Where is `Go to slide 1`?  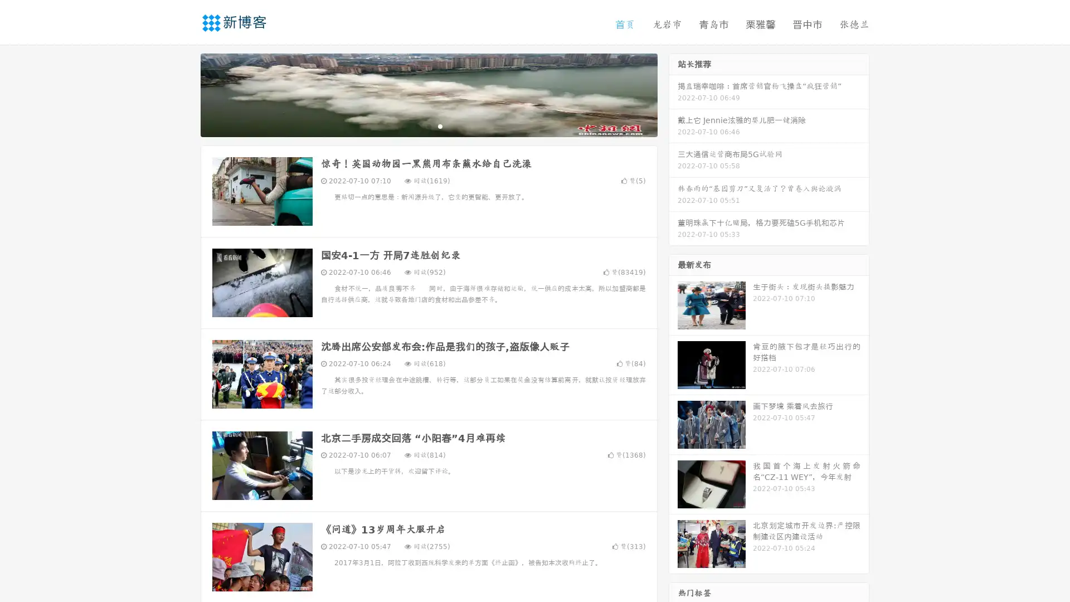
Go to slide 1 is located at coordinates (417, 125).